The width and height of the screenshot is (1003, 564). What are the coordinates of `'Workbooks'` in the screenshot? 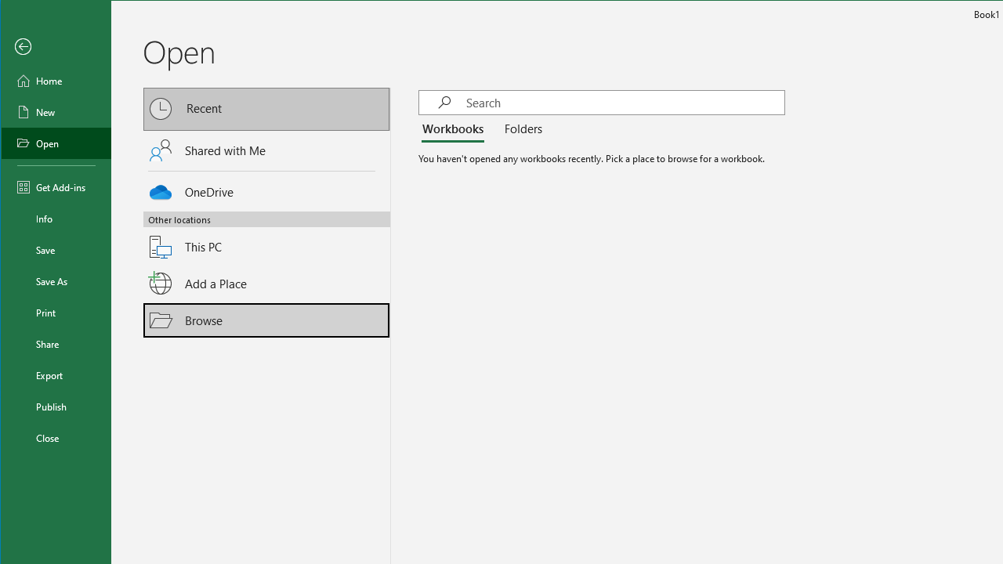 It's located at (454, 128).